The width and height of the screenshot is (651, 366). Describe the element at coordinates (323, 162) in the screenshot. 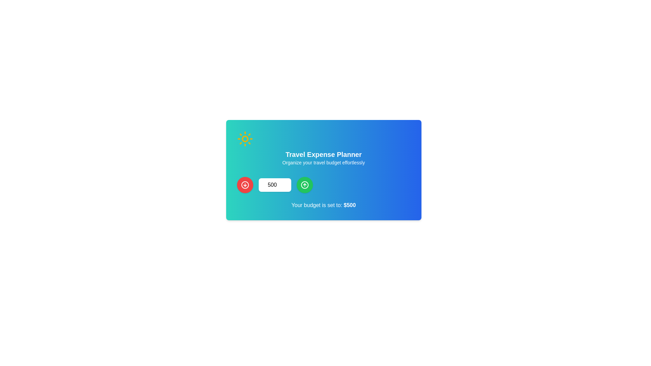

I see `the static text that reads 'Organize your travel budget effortlessly', located beneath the header 'Travel Expense Planner', styled in white color on a gradient background` at that location.